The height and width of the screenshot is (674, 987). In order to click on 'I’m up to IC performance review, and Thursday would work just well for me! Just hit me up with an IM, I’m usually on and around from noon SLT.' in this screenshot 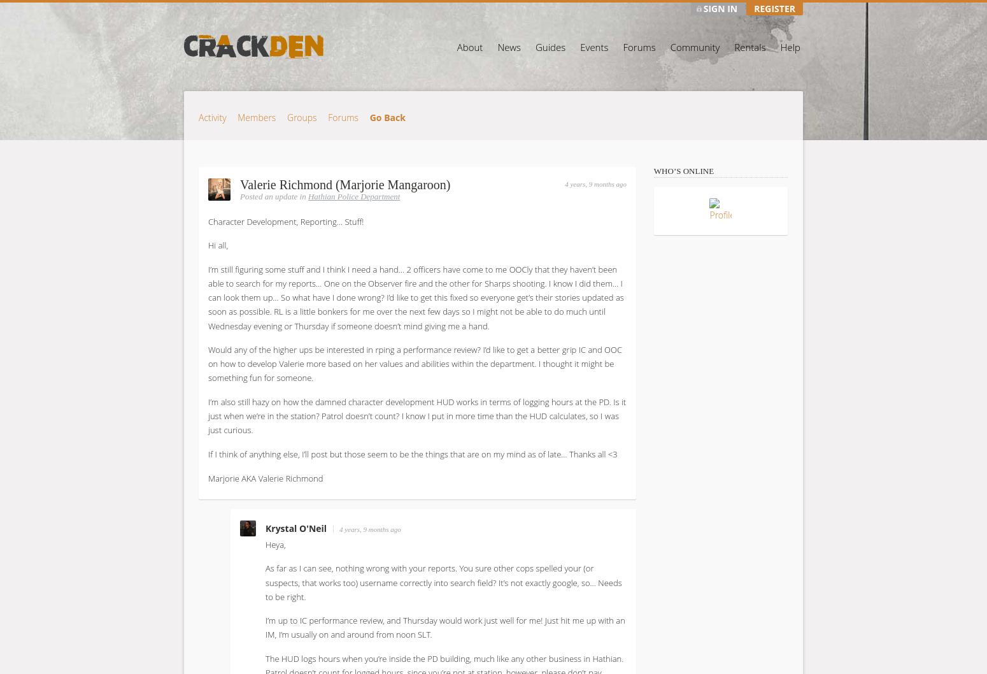, I will do `click(445, 626)`.